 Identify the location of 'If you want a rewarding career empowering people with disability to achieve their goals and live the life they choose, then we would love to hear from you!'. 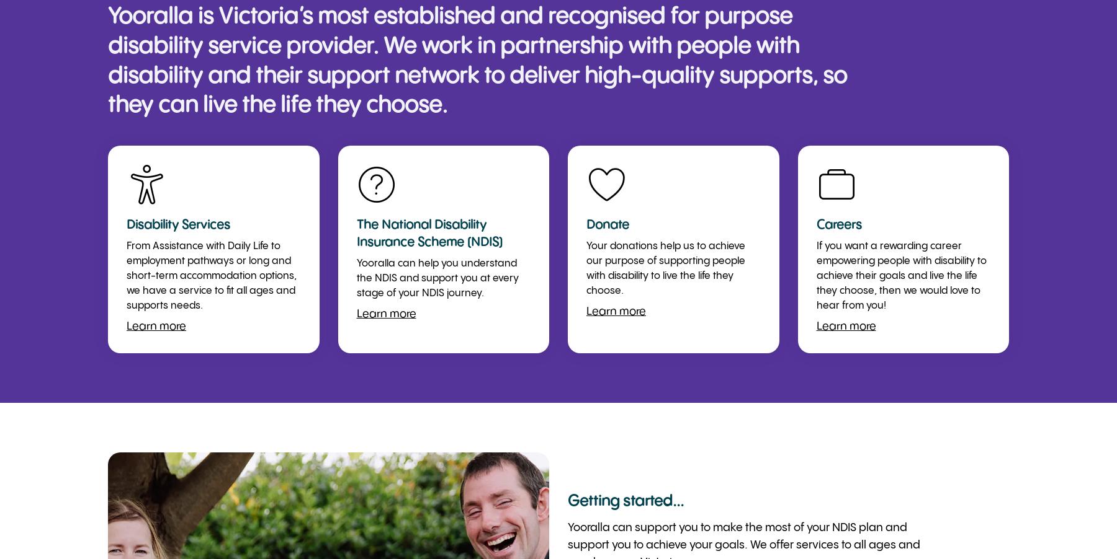
(816, 276).